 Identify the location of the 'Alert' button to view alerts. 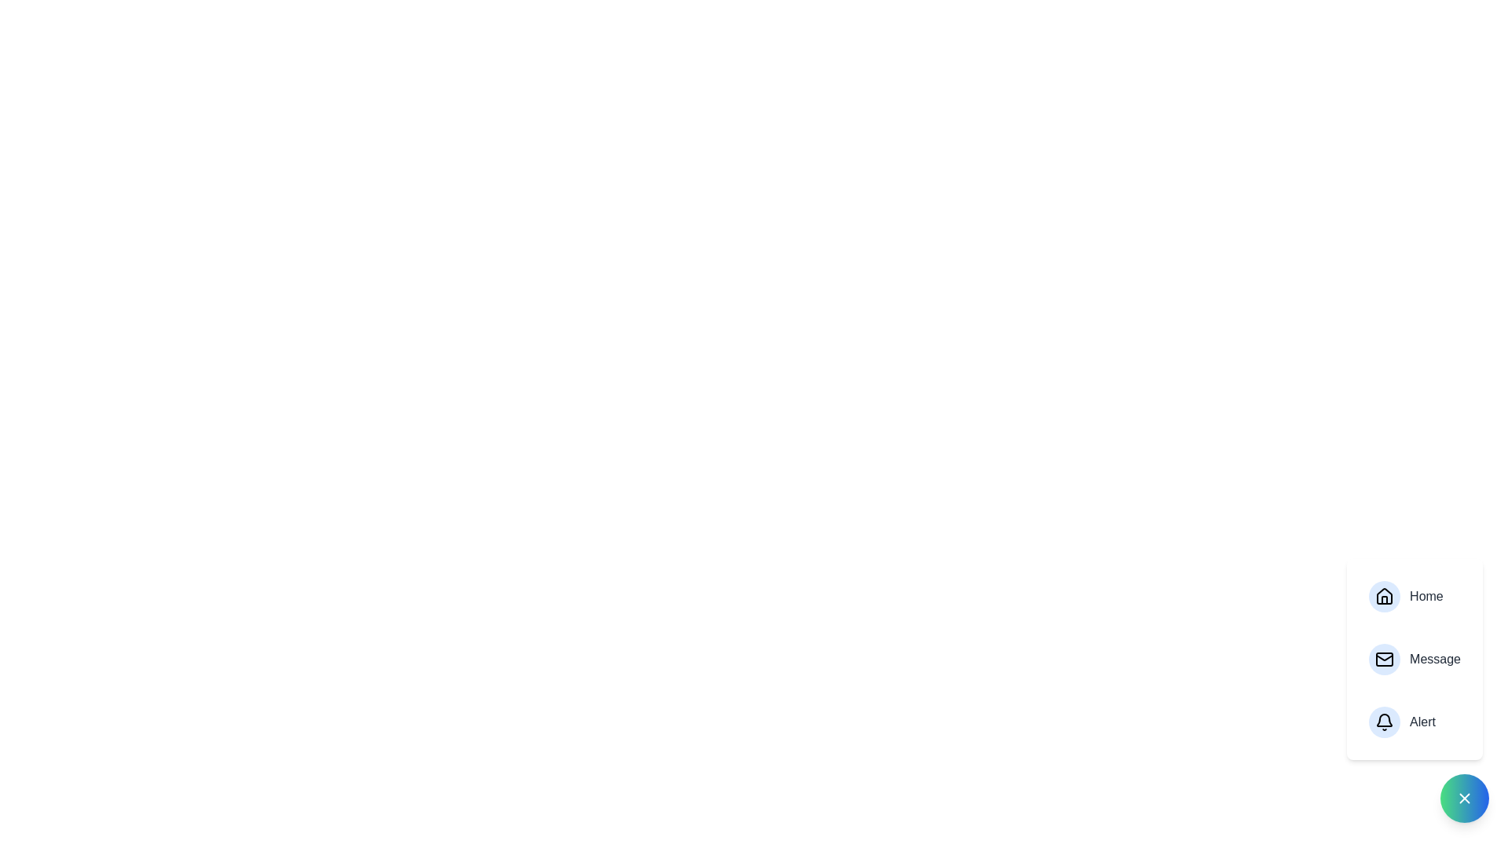
(1414, 722).